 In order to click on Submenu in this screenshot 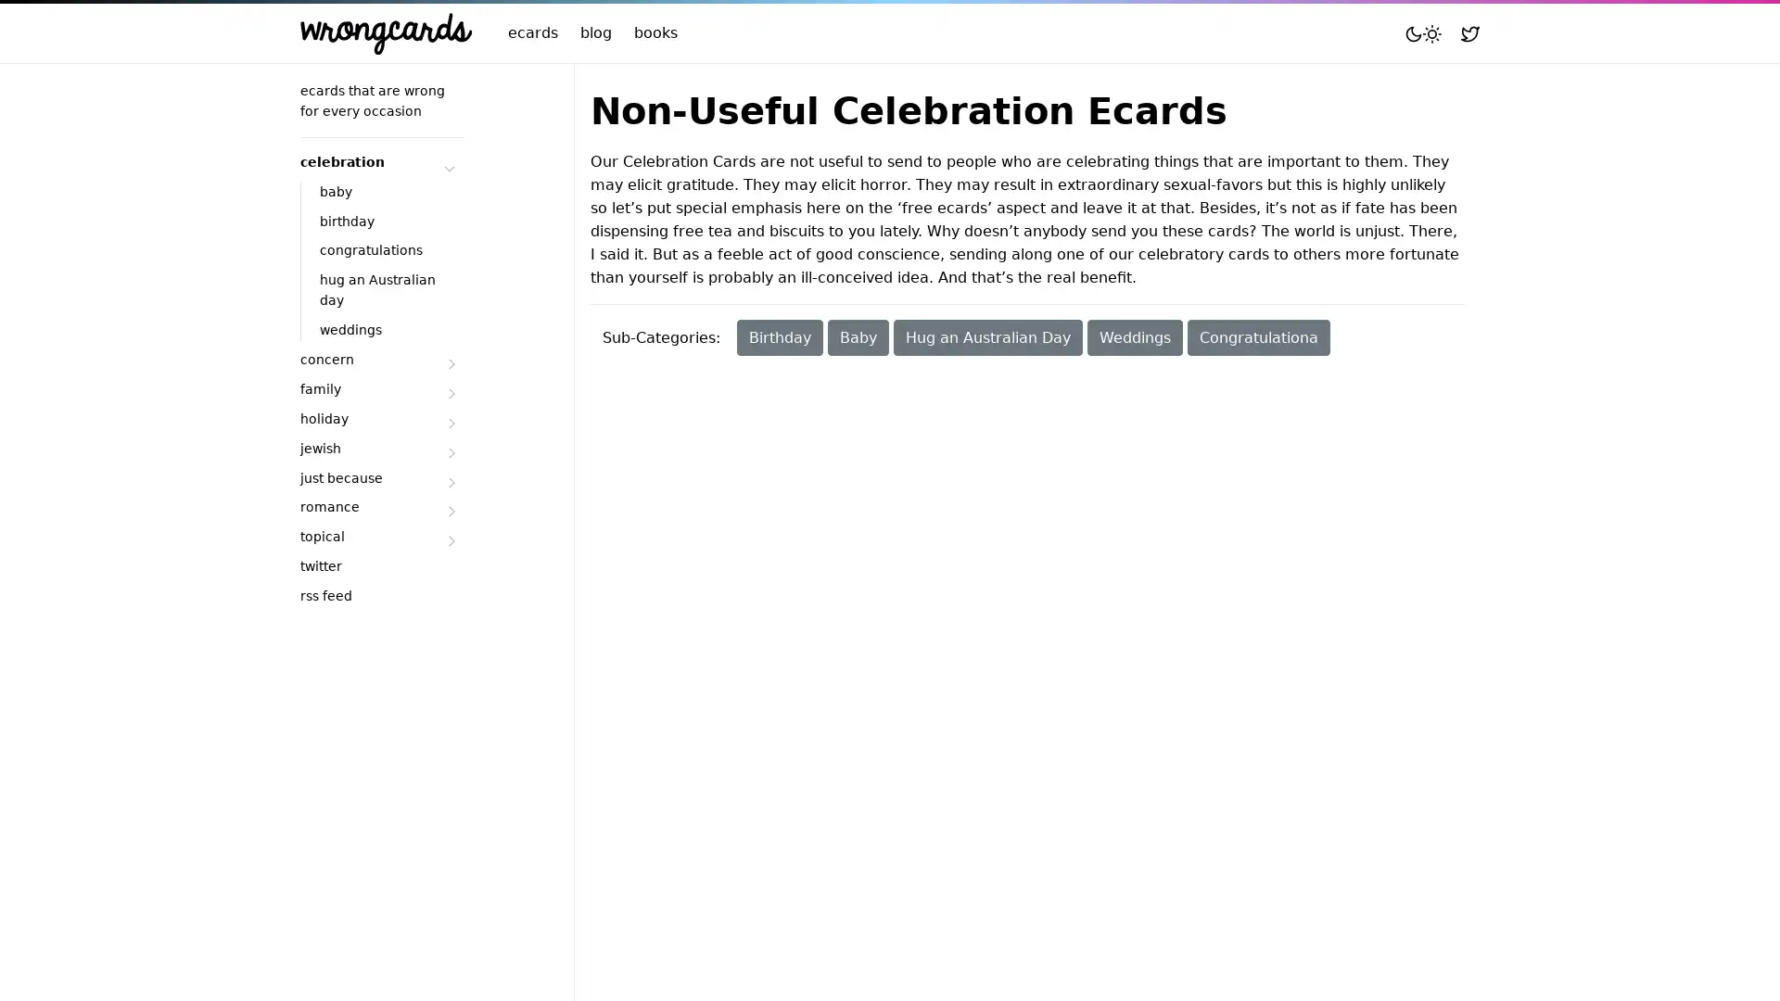, I will do `click(449, 422)`.